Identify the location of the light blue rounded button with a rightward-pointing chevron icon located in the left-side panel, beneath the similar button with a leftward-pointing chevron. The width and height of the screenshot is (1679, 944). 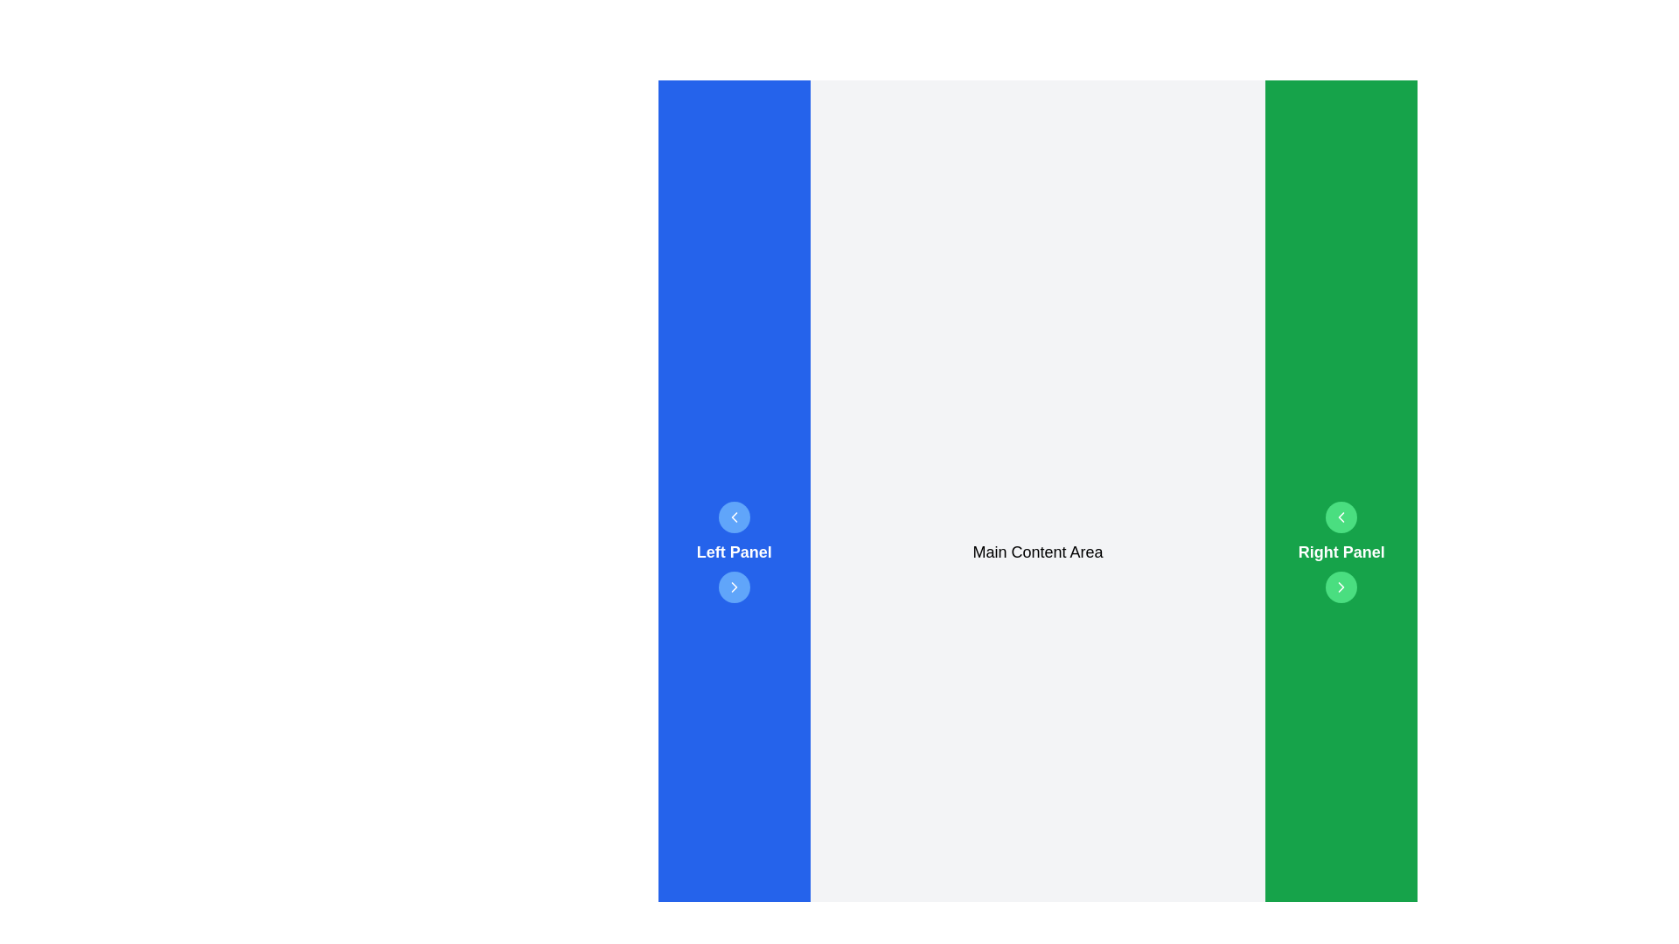
(734, 587).